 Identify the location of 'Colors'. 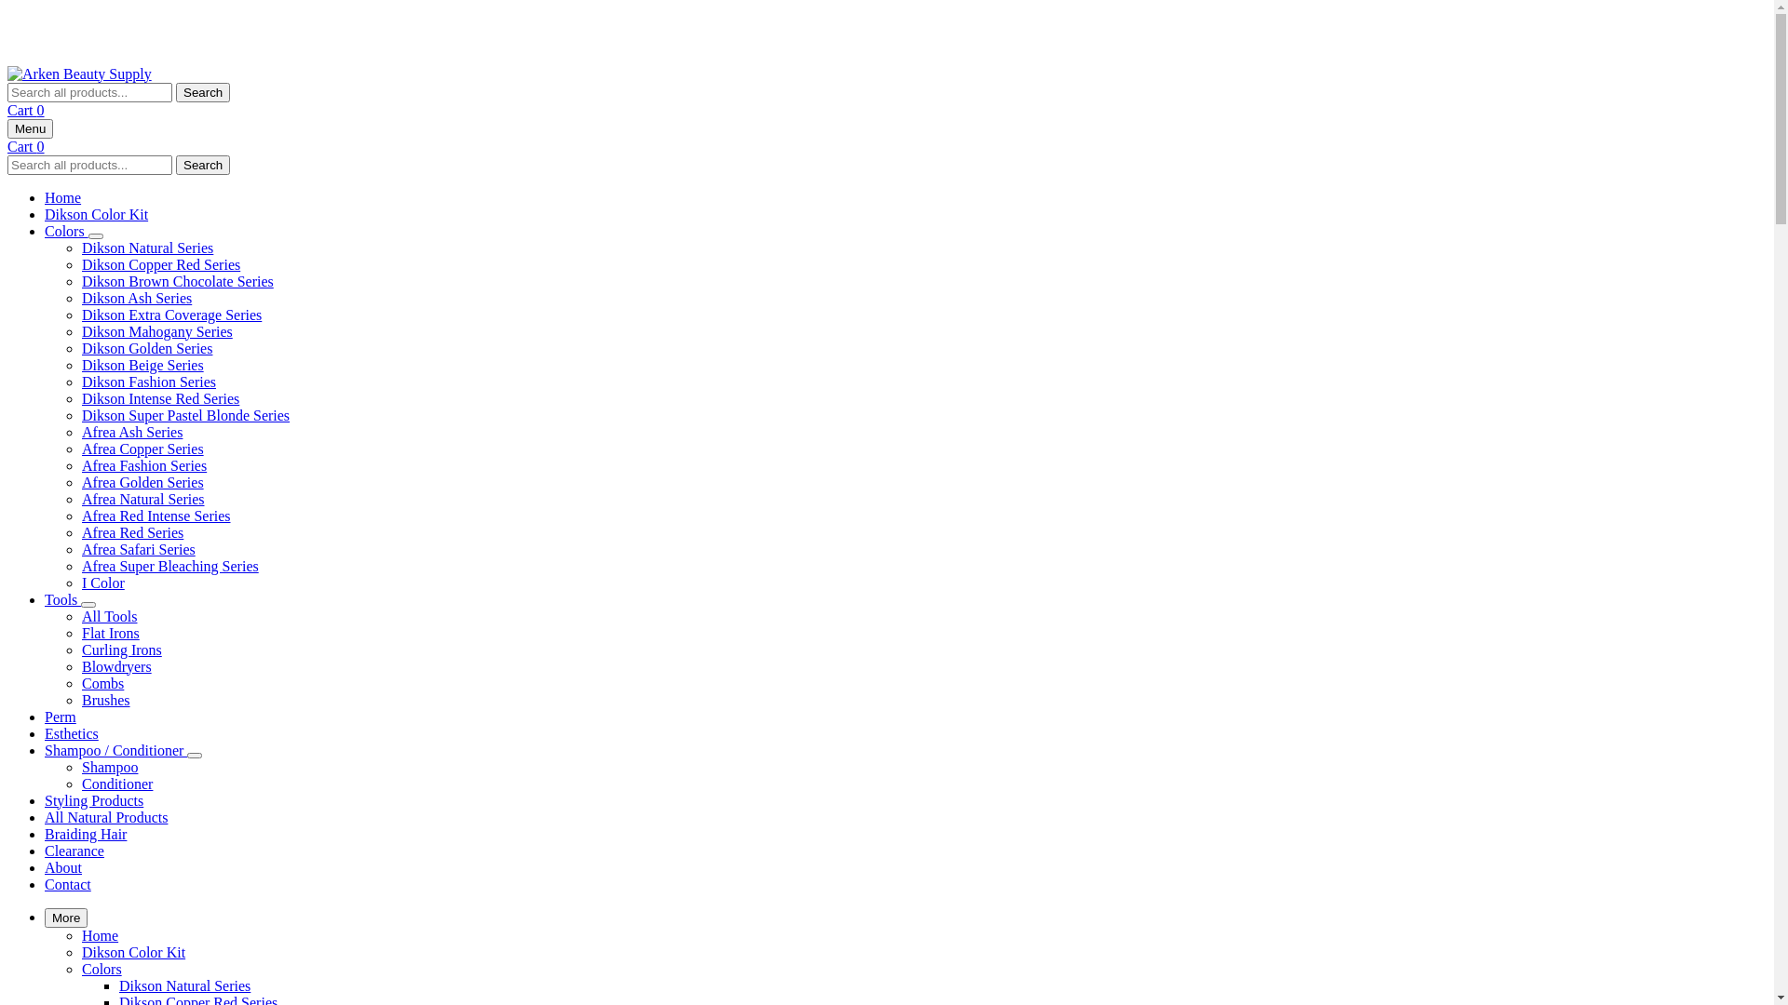
(66, 230).